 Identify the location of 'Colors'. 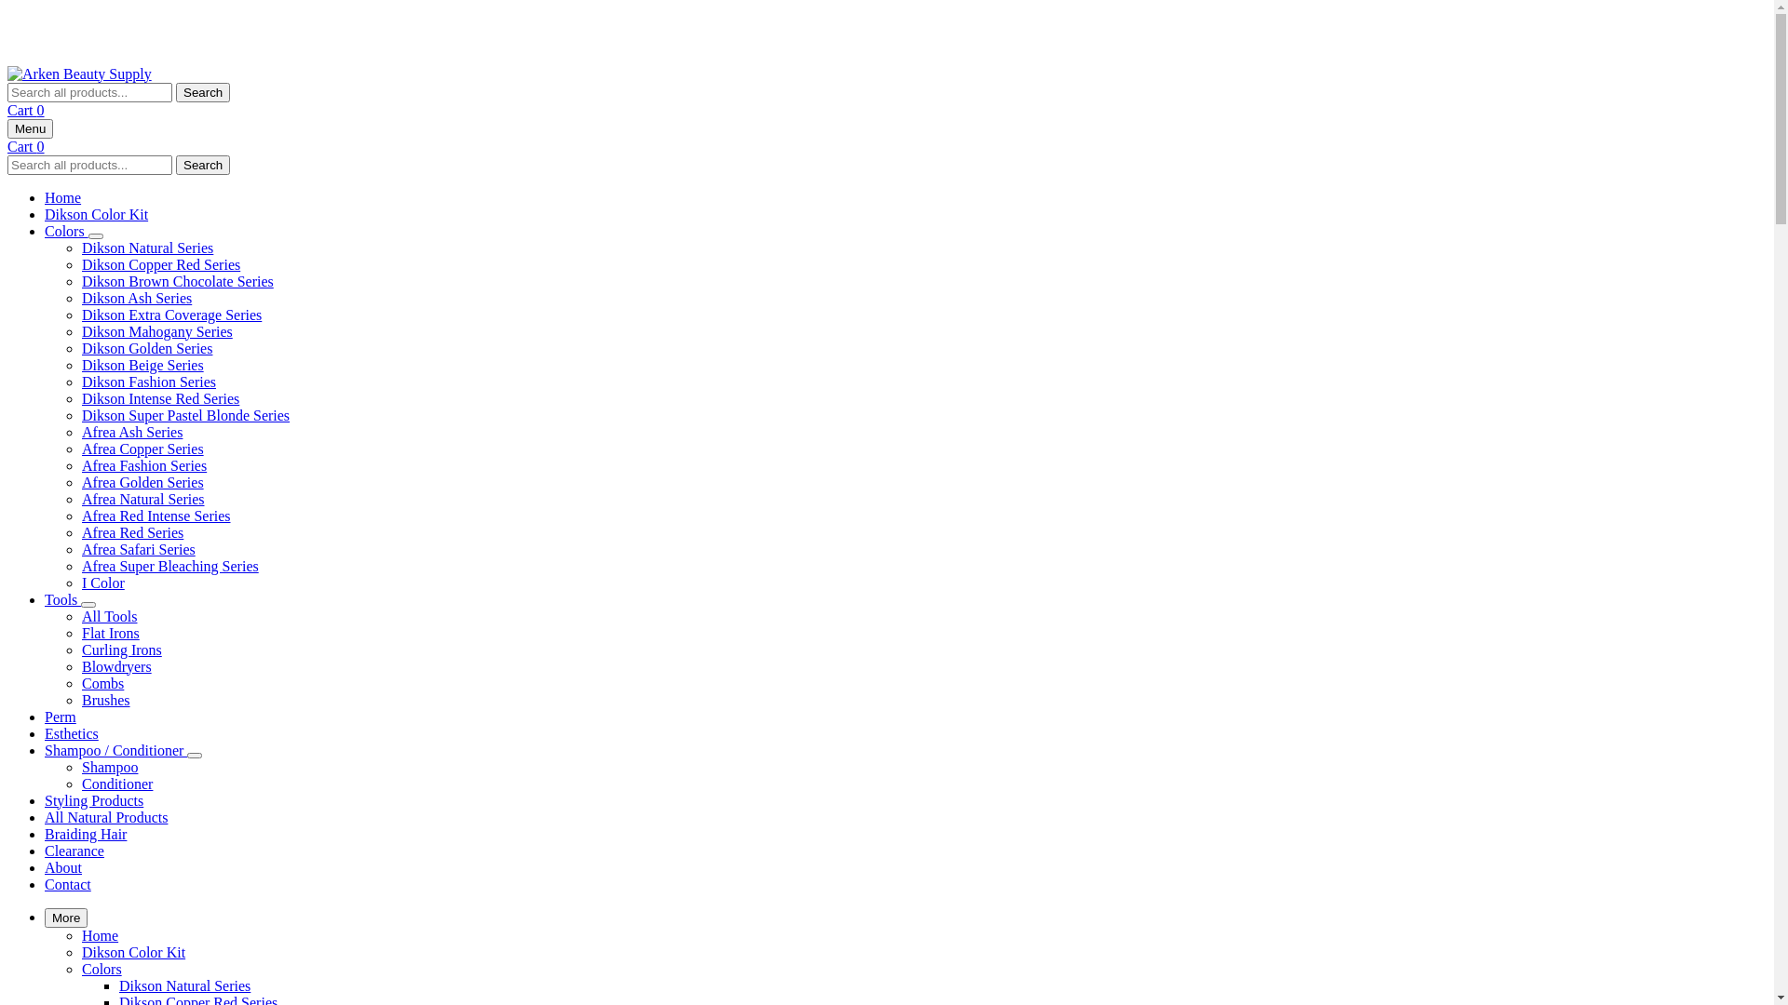
(66, 230).